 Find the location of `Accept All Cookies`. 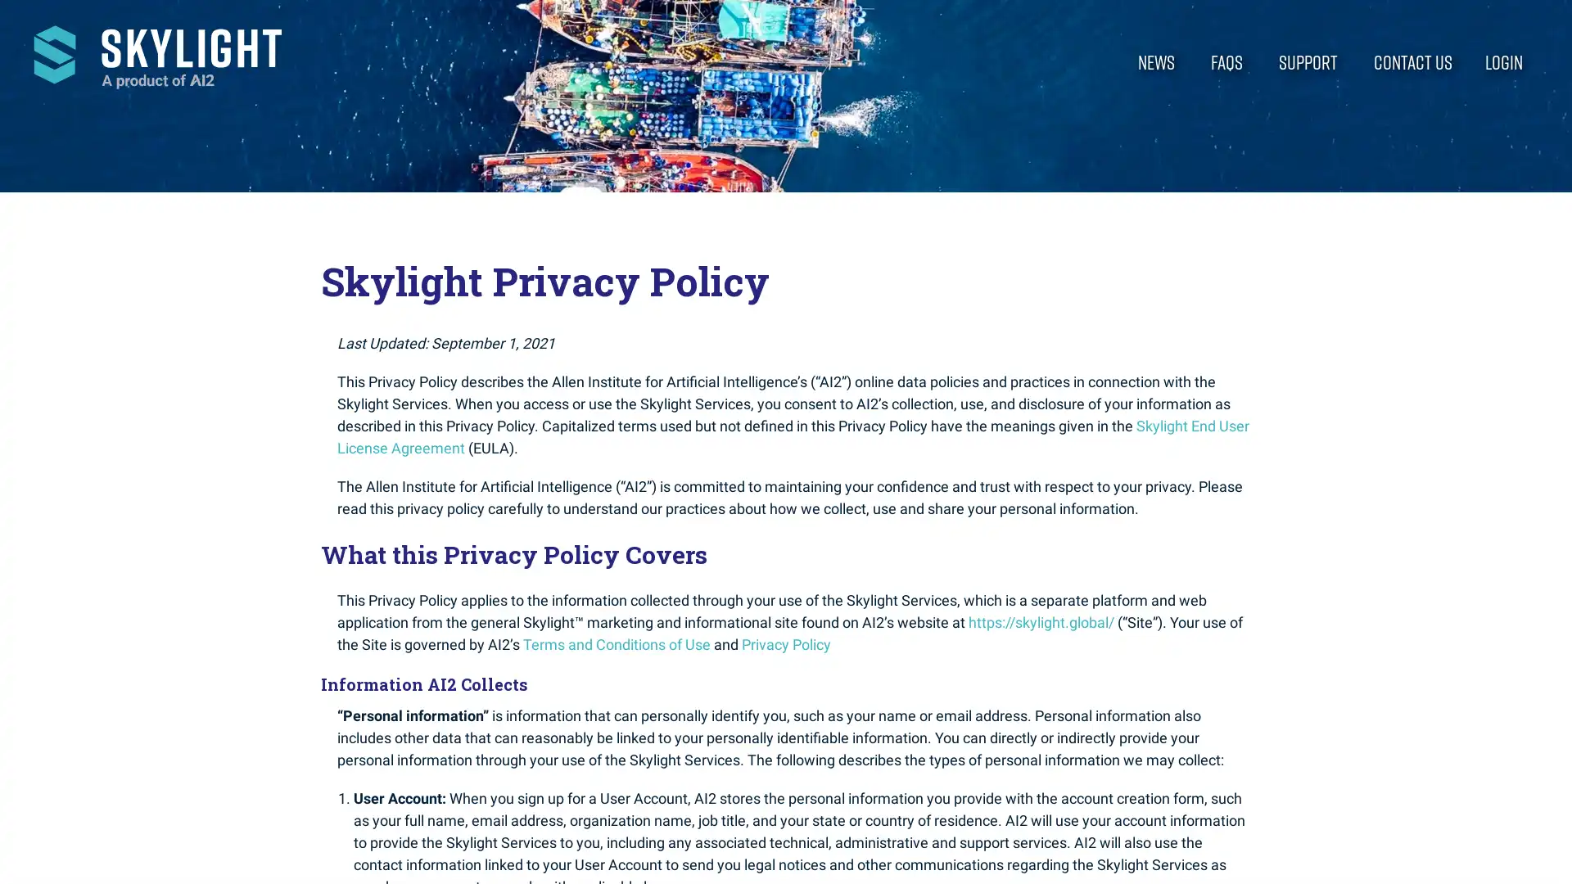

Accept All Cookies is located at coordinates (1262, 848).